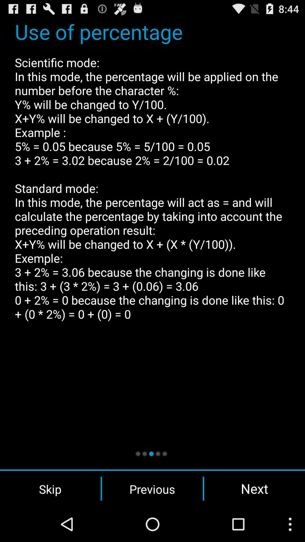 Image resolution: width=305 pixels, height=542 pixels. What do you see at coordinates (254, 488) in the screenshot?
I see `next button` at bounding box center [254, 488].